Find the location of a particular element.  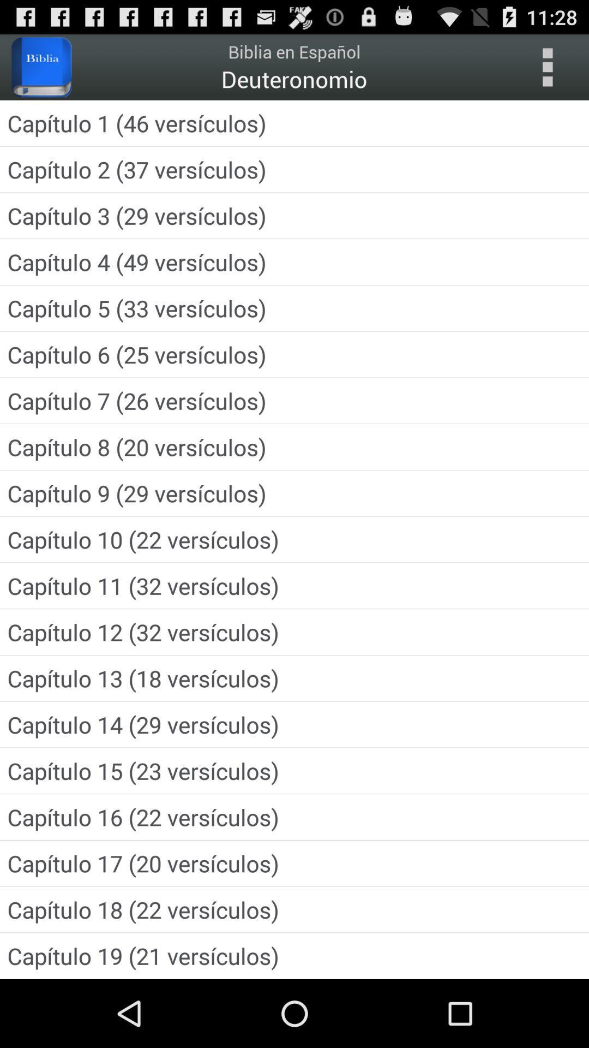

the more icon is located at coordinates (547, 72).